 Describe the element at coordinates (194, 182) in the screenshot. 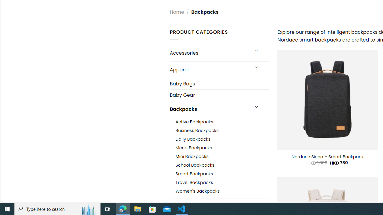

I see `'Travel Backpacks'` at that location.